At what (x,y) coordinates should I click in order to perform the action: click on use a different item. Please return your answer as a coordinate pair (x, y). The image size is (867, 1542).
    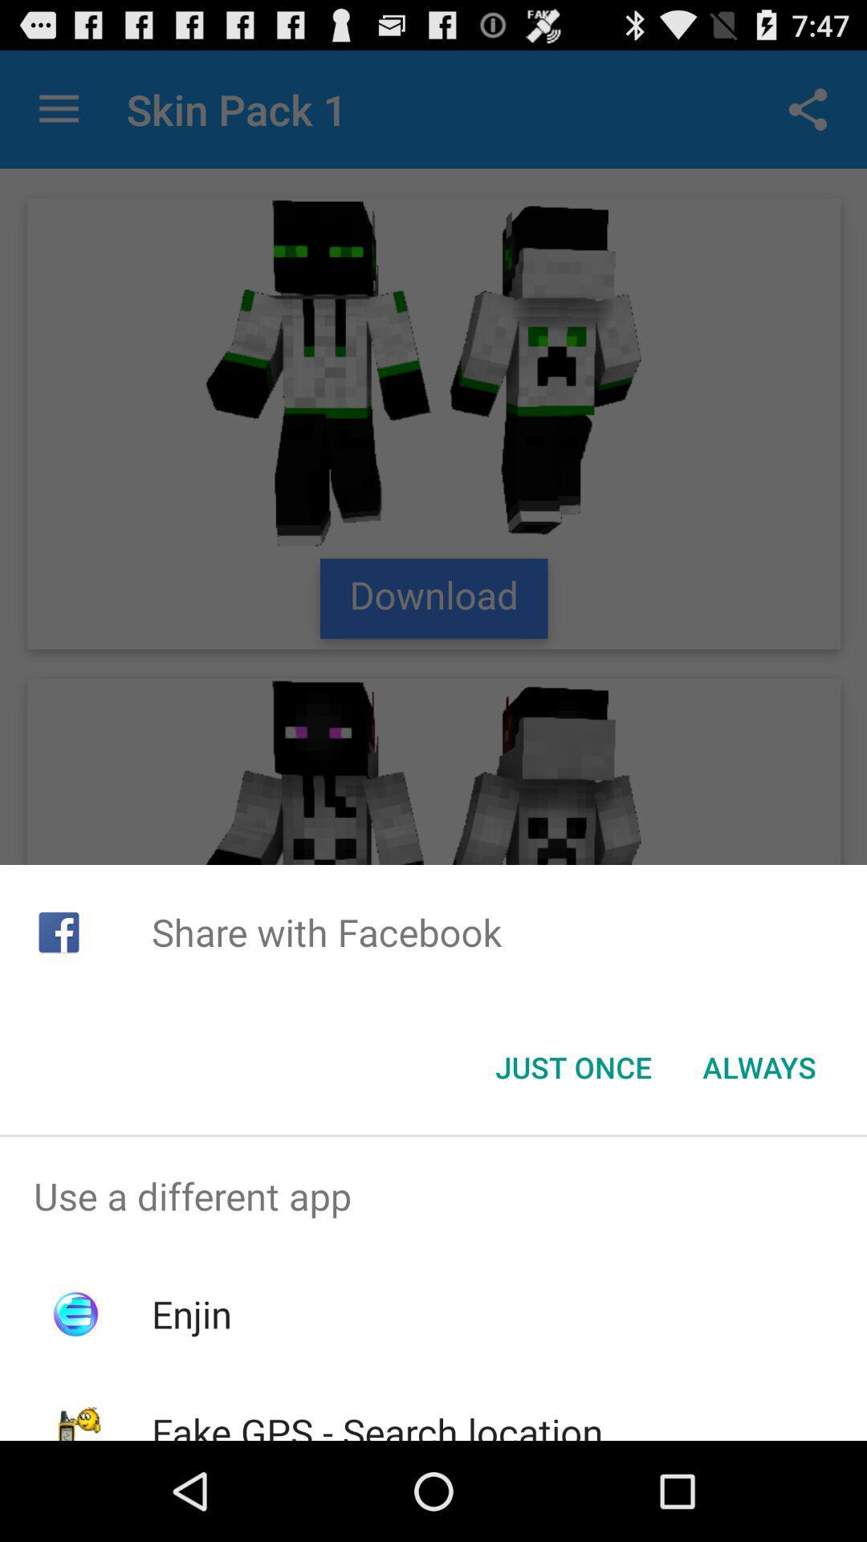
    Looking at the image, I should click on (433, 1196).